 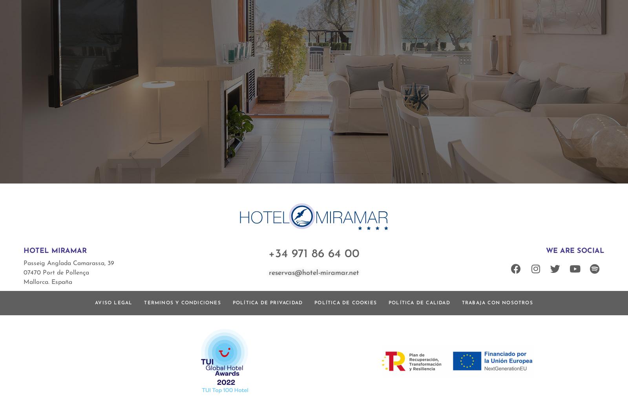 What do you see at coordinates (113, 302) in the screenshot?
I see `'Aviso Legal'` at bounding box center [113, 302].